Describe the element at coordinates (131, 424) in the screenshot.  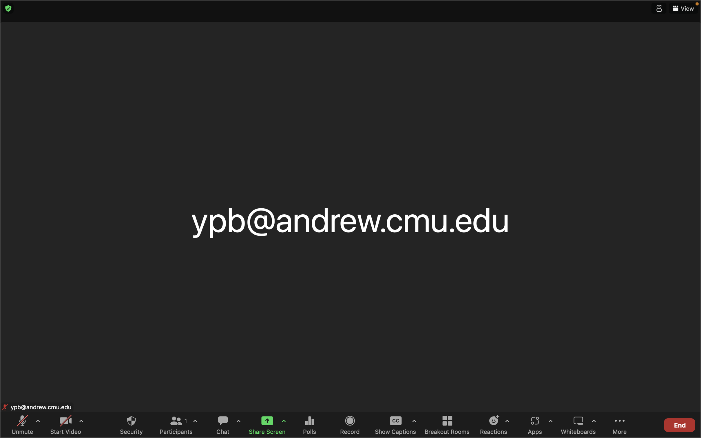
I see `Engage with the security mechanism` at that location.